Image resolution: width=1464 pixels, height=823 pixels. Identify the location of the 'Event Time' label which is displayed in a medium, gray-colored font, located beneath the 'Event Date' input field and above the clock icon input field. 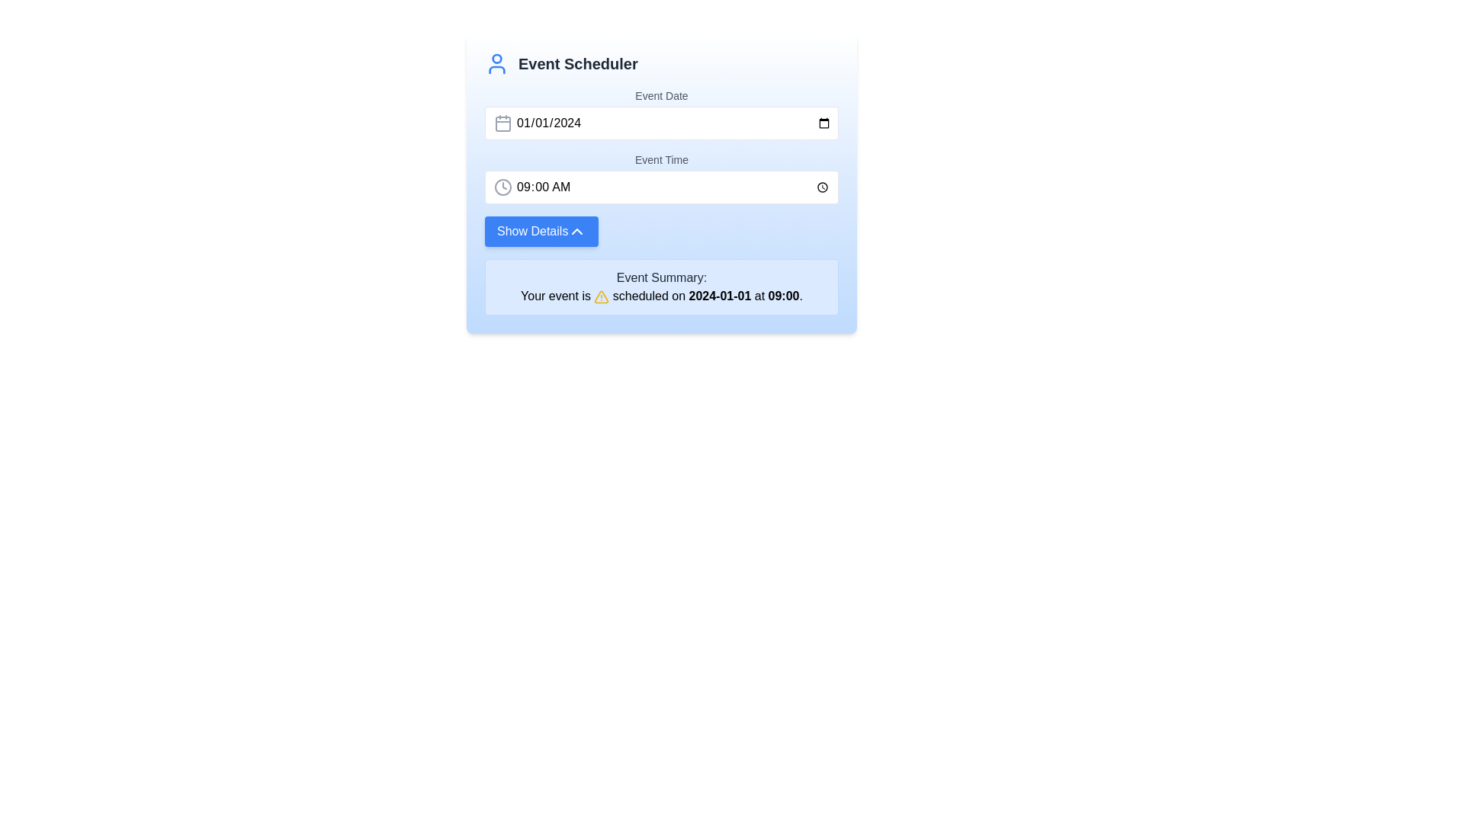
(662, 159).